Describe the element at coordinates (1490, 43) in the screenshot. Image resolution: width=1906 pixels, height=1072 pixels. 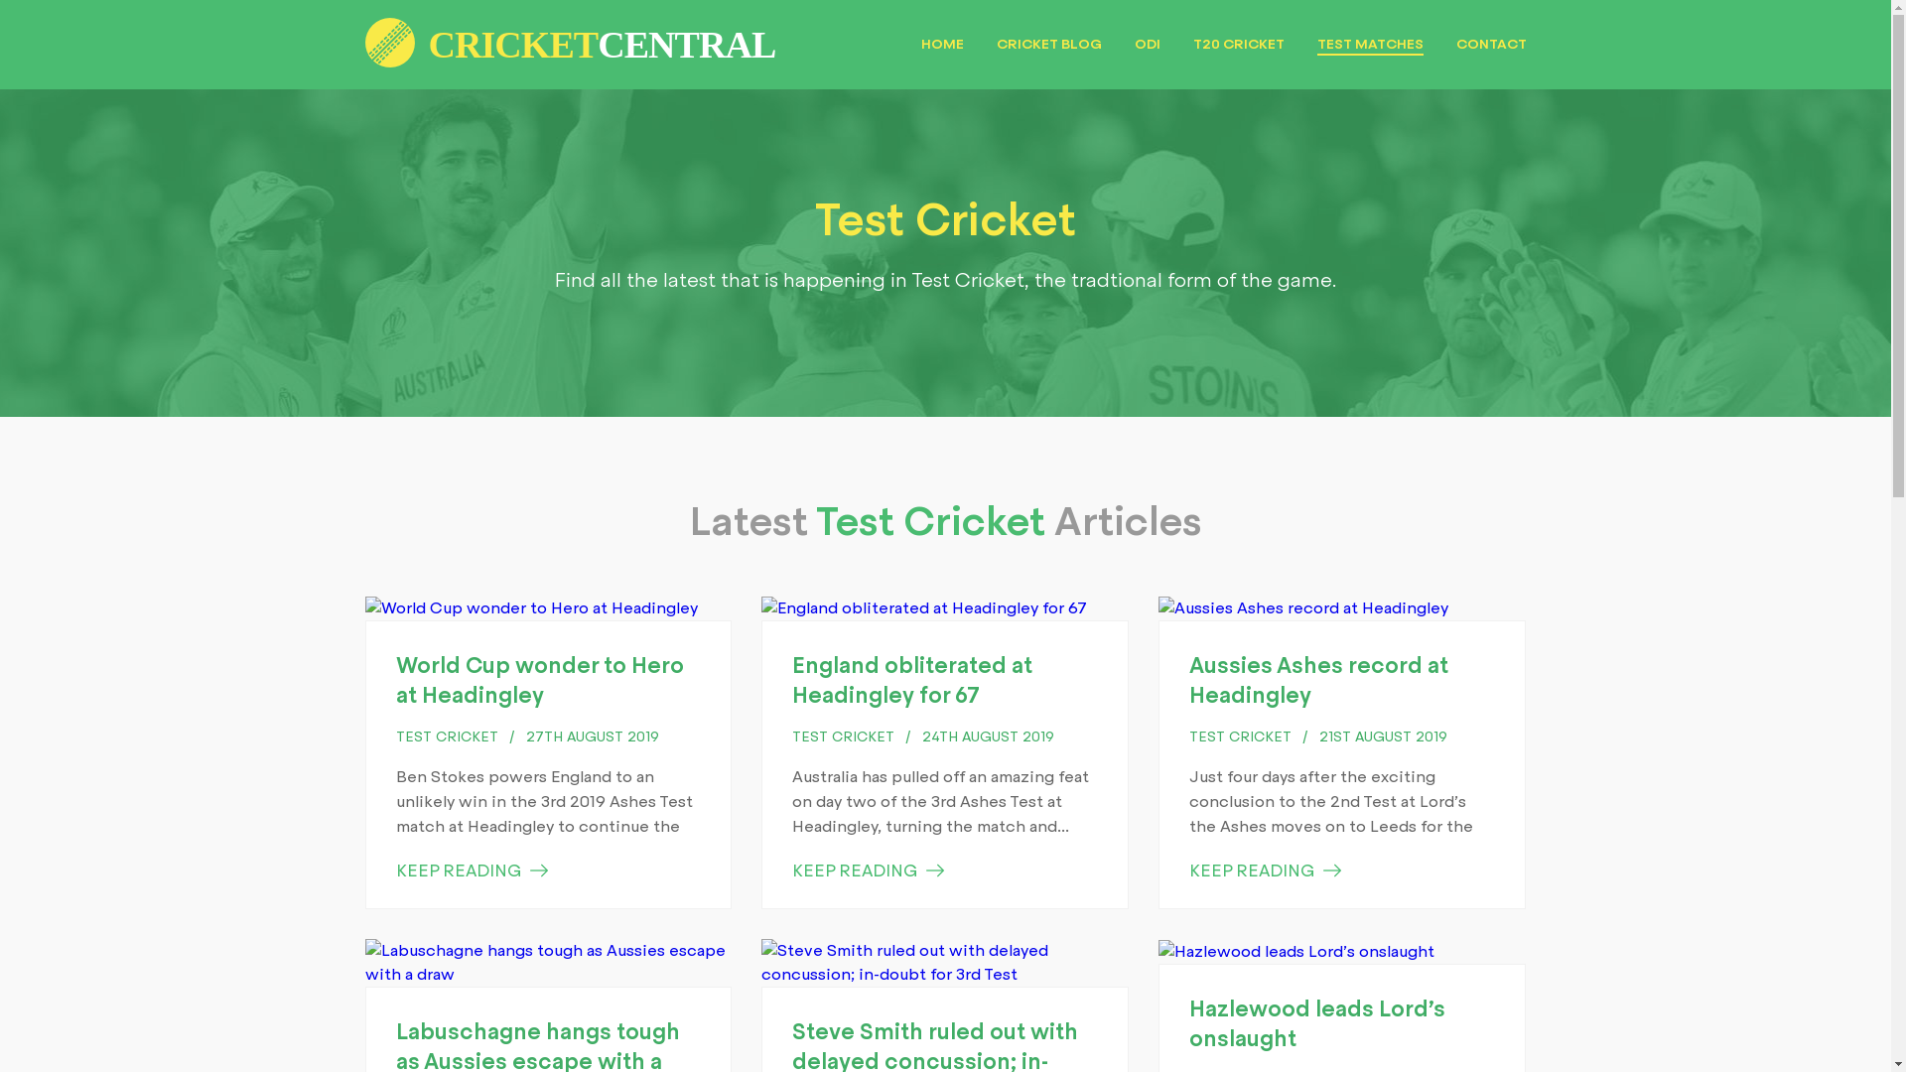
I see `'CONTACT'` at that location.